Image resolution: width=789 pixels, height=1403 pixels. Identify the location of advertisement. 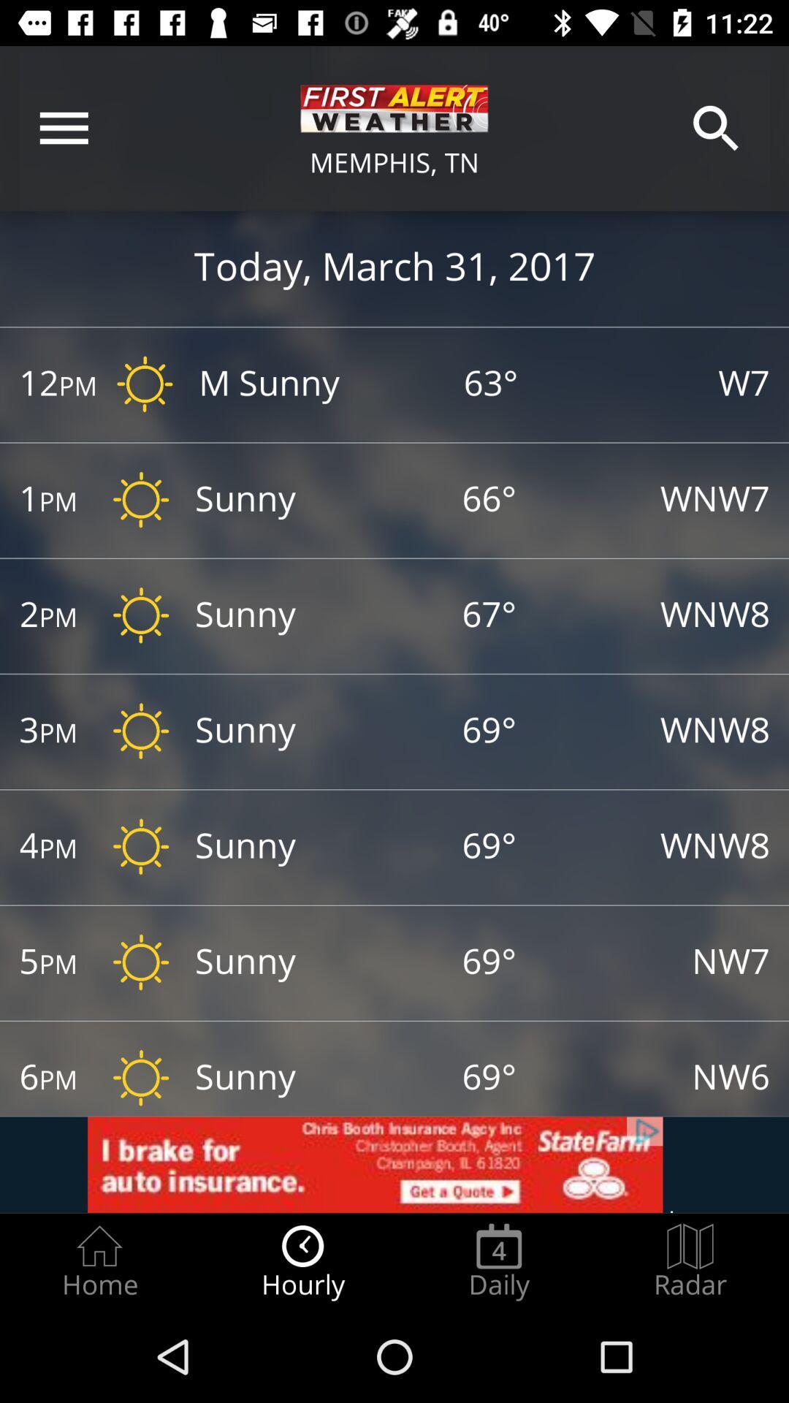
(394, 1164).